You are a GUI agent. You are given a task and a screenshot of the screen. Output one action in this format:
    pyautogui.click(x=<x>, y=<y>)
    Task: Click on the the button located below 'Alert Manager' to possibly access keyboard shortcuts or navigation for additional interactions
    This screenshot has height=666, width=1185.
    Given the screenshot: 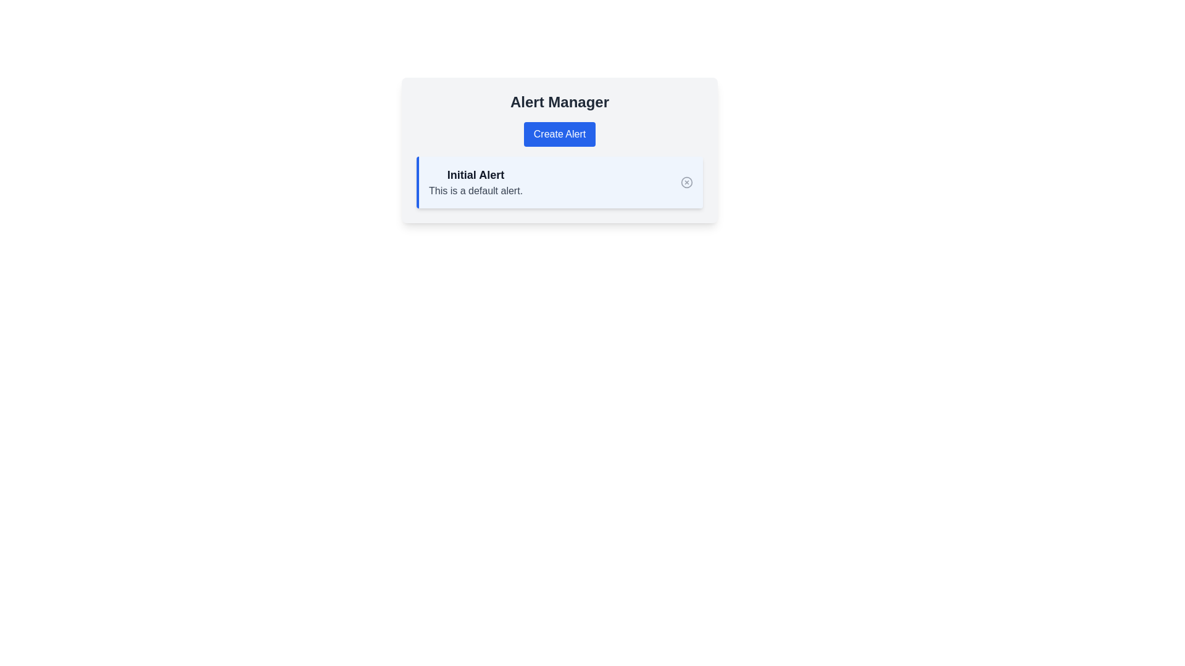 What is the action you would take?
    pyautogui.click(x=559, y=134)
    